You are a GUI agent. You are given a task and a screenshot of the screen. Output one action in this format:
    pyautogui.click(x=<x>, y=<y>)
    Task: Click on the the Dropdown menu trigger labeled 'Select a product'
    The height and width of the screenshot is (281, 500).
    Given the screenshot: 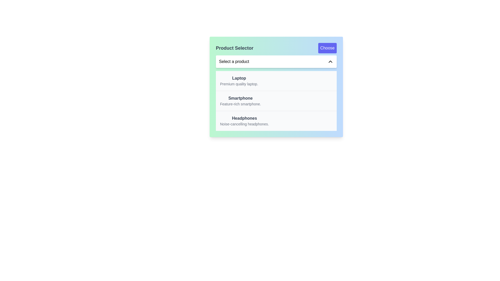 What is the action you would take?
    pyautogui.click(x=276, y=61)
    